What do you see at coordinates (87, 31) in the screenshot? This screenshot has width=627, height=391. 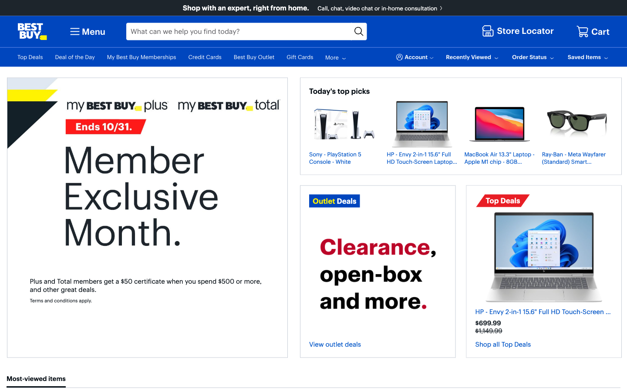 I see `the second option in the Menu` at bounding box center [87, 31].